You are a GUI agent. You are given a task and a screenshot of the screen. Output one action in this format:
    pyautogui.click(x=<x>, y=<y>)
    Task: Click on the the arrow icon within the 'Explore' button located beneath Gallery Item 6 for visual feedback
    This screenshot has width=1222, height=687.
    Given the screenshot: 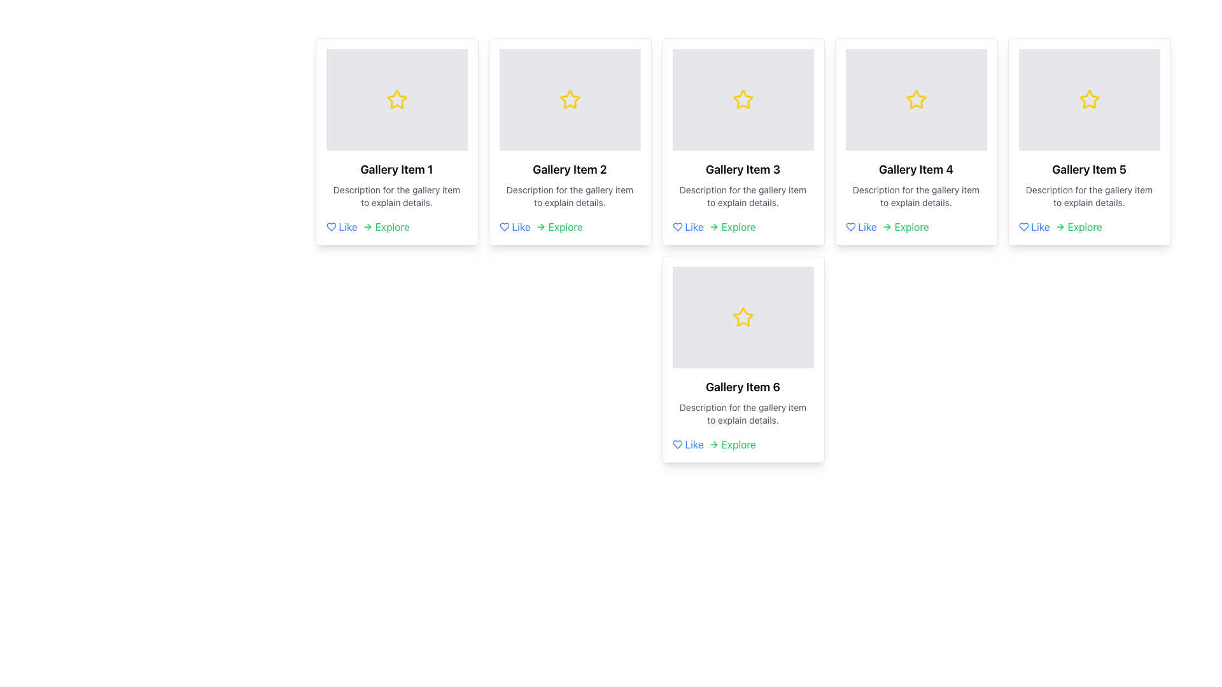 What is the action you would take?
    pyautogui.click(x=713, y=443)
    